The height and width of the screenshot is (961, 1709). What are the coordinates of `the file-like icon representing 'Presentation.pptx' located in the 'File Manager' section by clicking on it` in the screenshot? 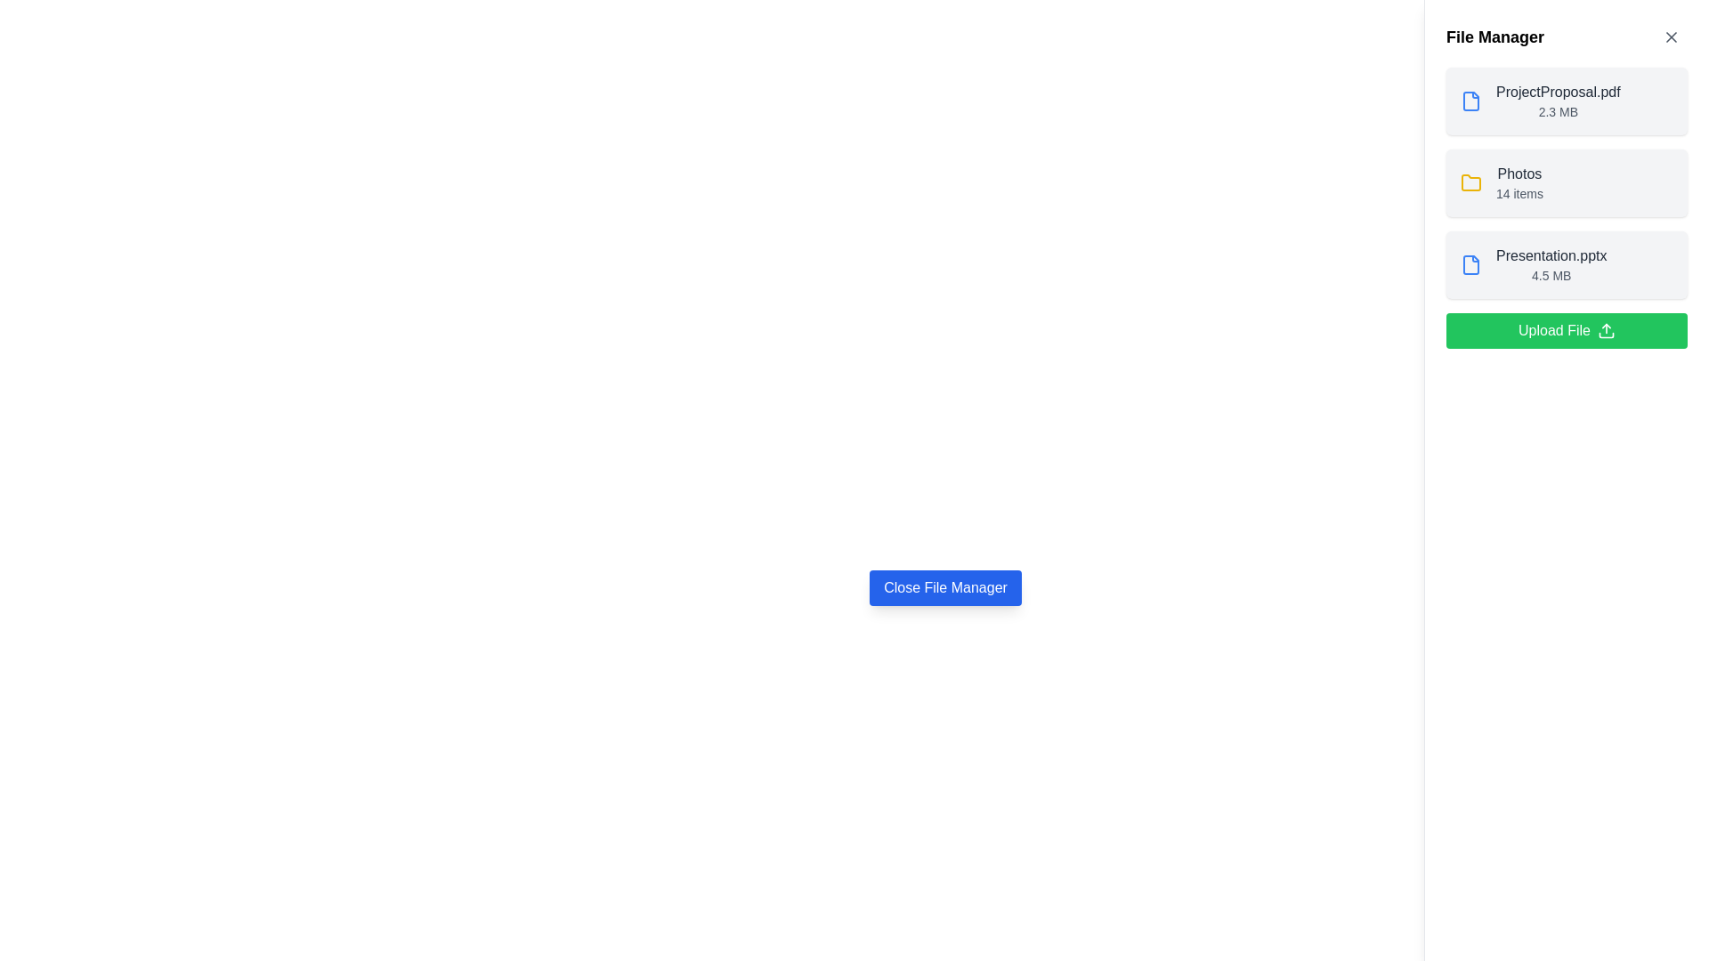 It's located at (1470, 264).